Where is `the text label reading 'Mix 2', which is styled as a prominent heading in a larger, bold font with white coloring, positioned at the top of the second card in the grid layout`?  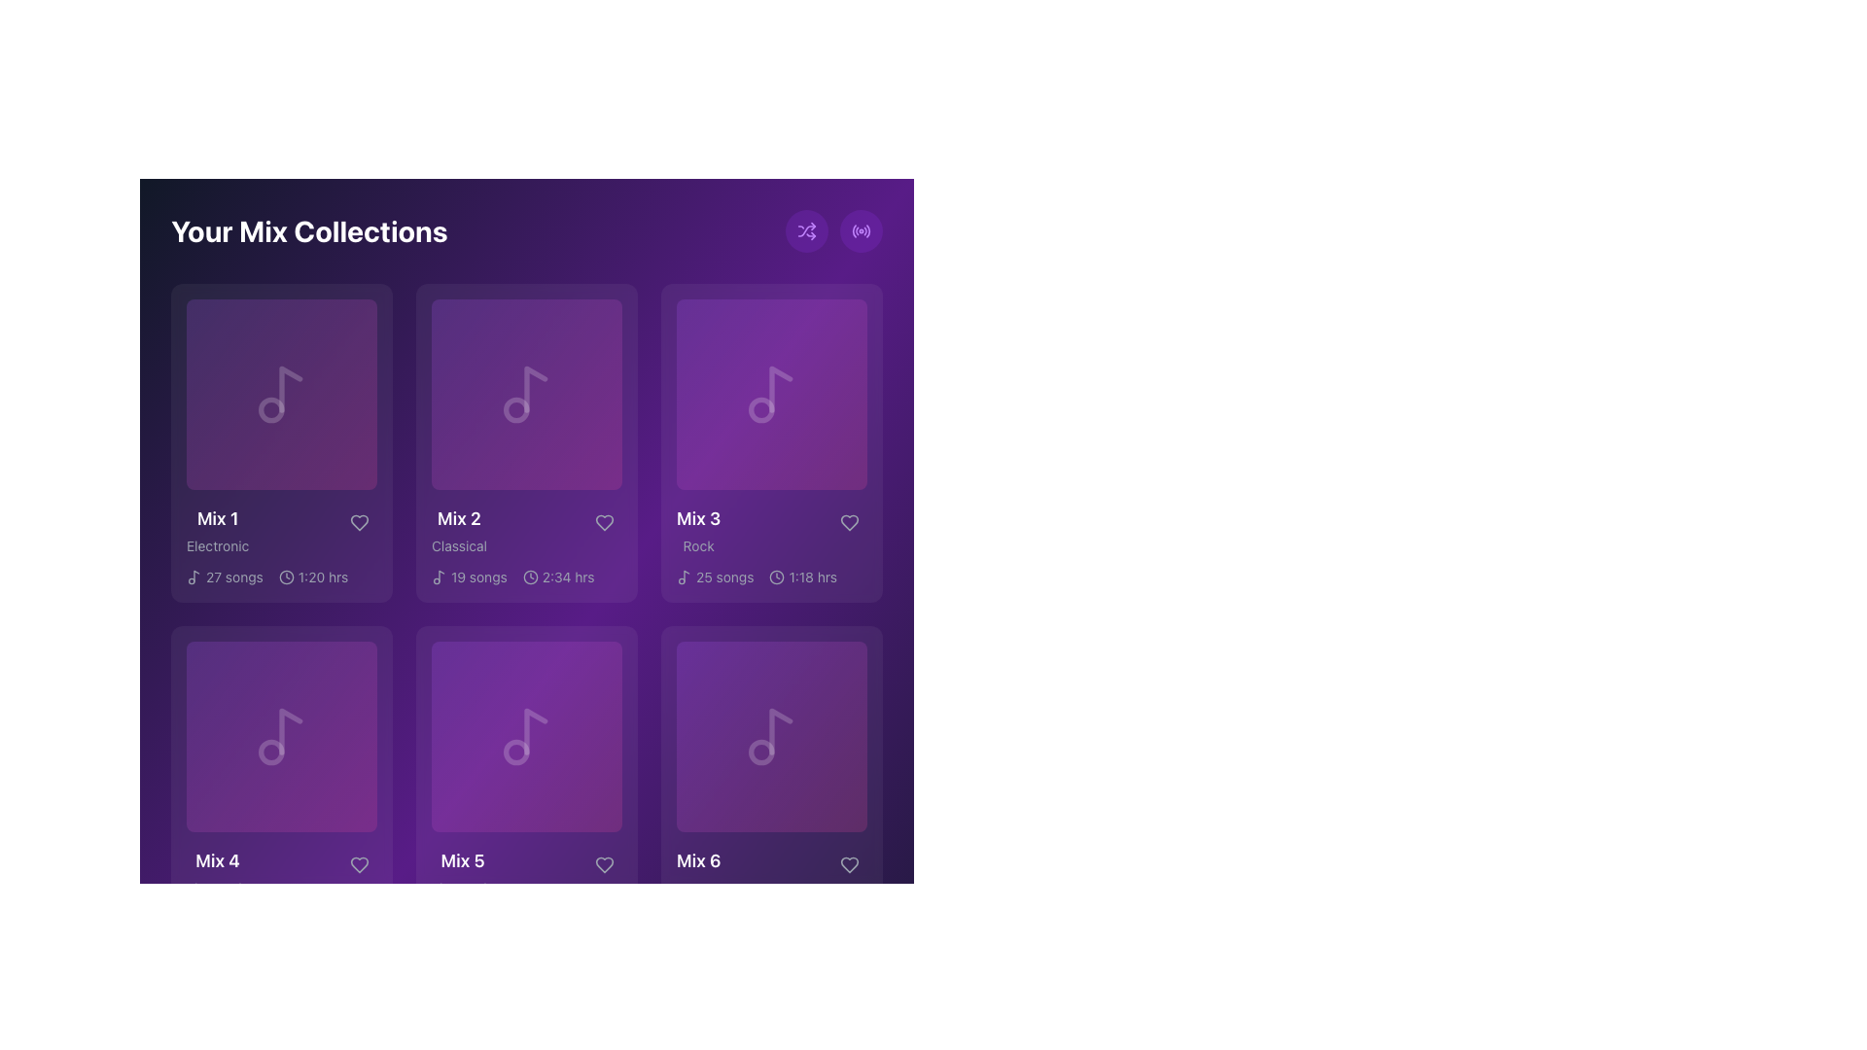 the text label reading 'Mix 2', which is styled as a prominent heading in a larger, bold font with white coloring, positioned at the top of the second card in the grid layout is located at coordinates (458, 517).